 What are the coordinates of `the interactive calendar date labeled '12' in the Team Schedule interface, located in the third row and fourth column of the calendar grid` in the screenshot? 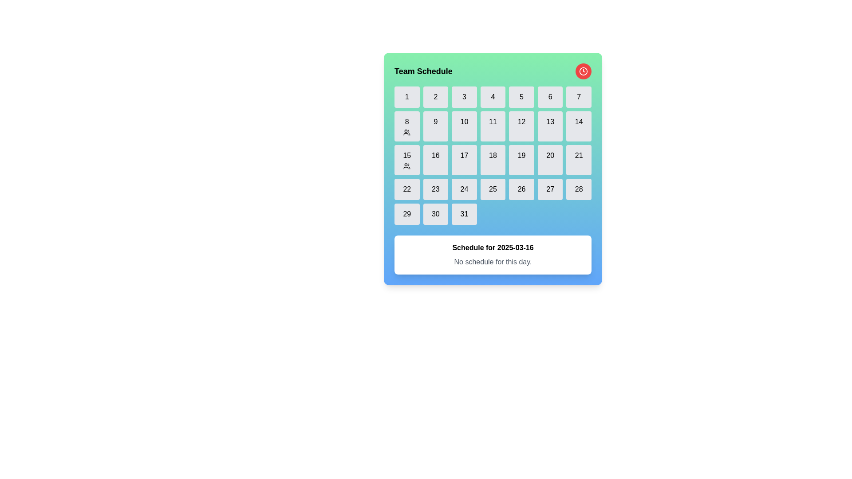 It's located at (521, 122).